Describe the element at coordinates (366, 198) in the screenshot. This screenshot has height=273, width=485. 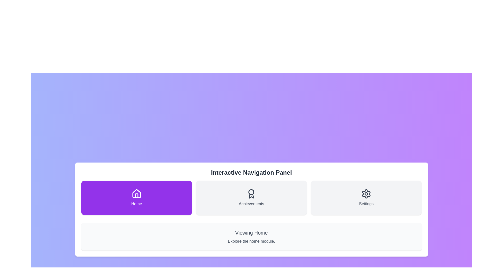
I see `the settings navigation button located at the bottom-right of the grid` at that location.